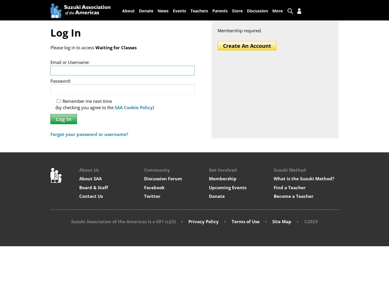 The image size is (389, 288). What do you see at coordinates (203, 221) in the screenshot?
I see `'Privacy Policy'` at bounding box center [203, 221].